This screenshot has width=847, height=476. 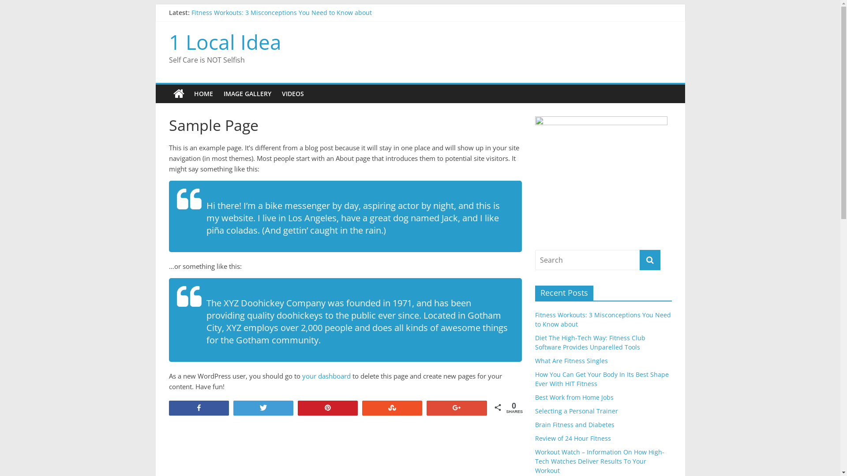 What do you see at coordinates (218, 93) in the screenshot?
I see `'IMAGE GALLERY'` at bounding box center [218, 93].